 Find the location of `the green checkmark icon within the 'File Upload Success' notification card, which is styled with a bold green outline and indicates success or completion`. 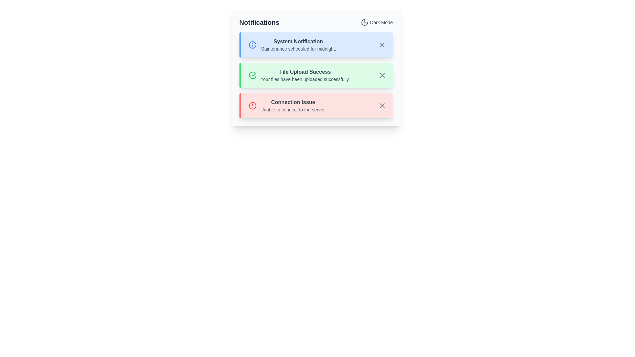

the green checkmark icon within the 'File Upload Success' notification card, which is styled with a bold green outline and indicates success or completion is located at coordinates (253, 74).